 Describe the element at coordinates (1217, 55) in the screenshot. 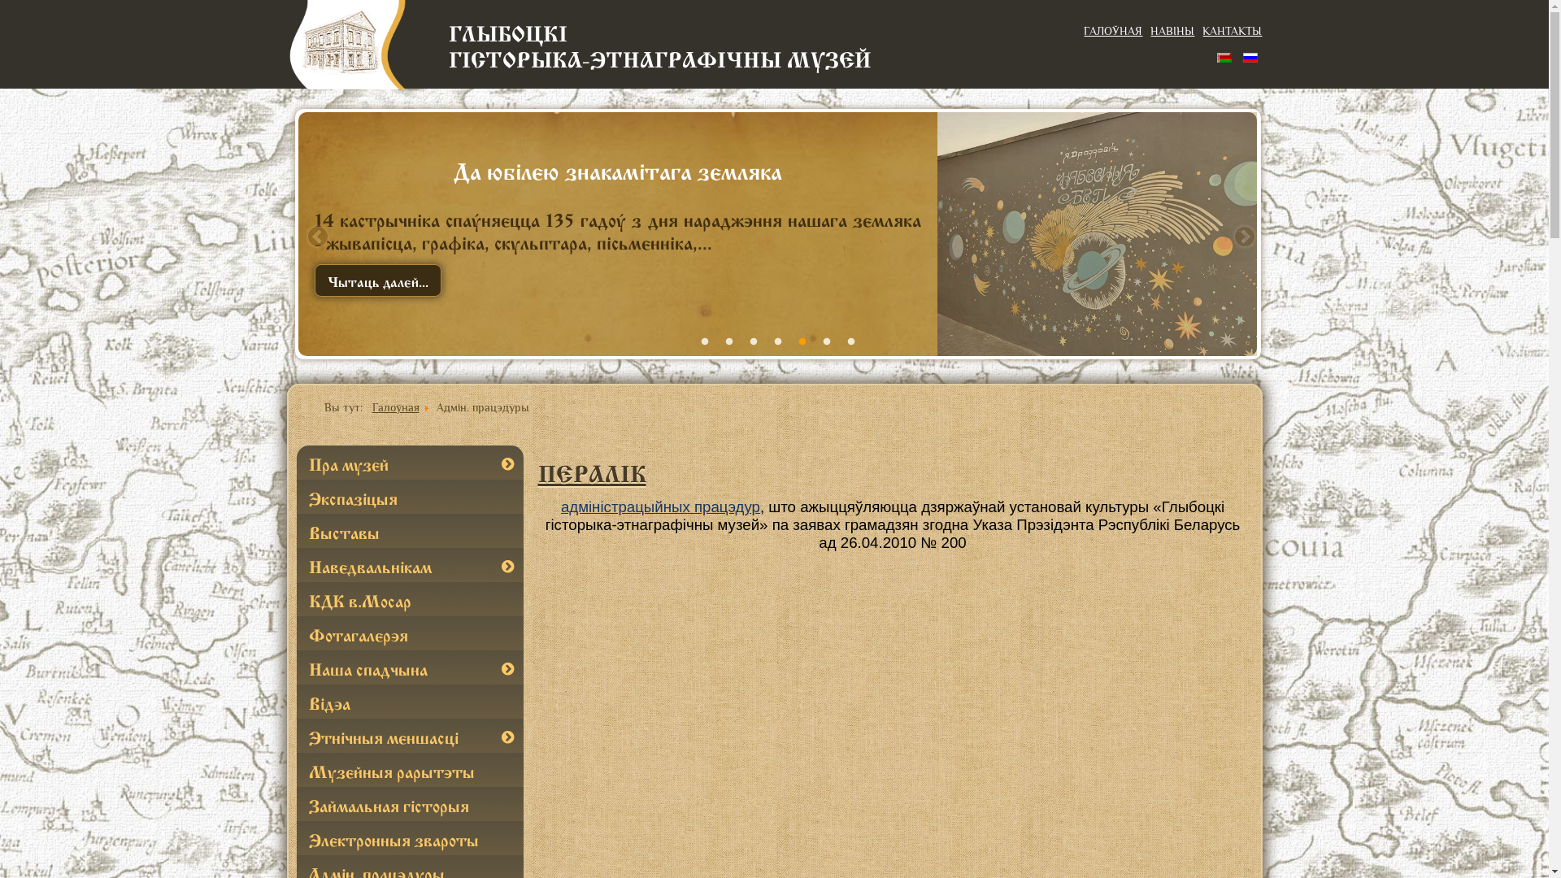

I see `'Belarusian (be-BY)'` at that location.